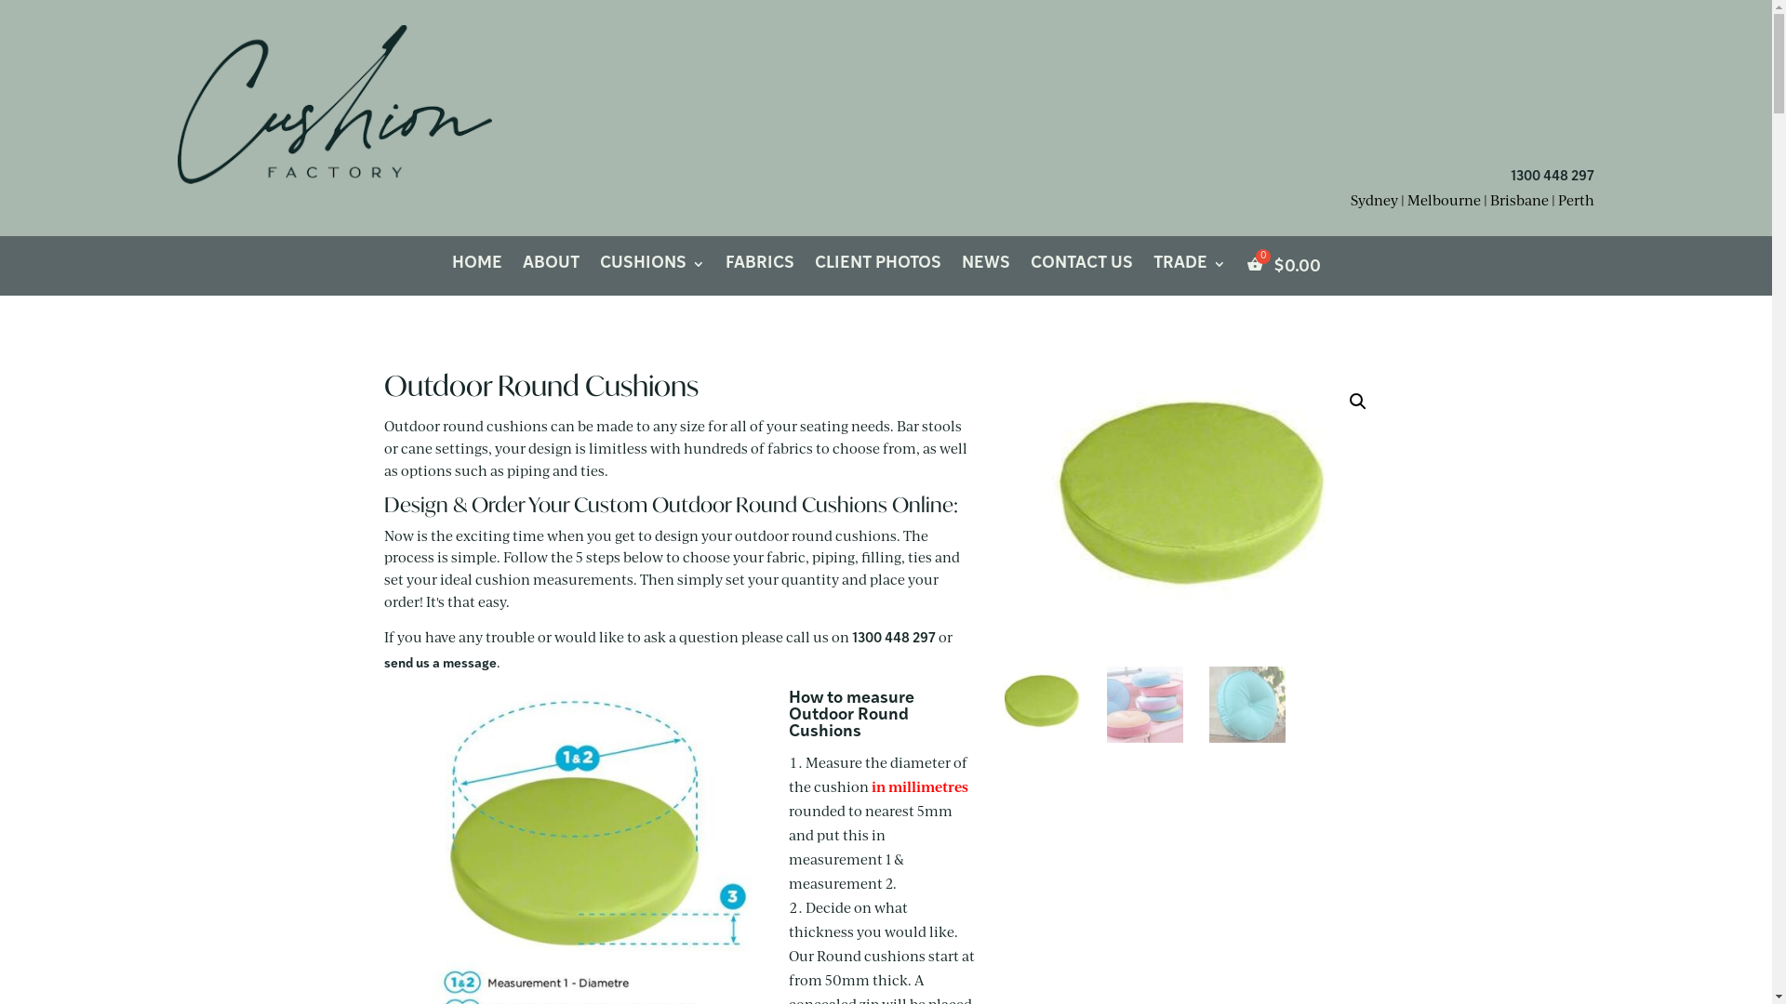 The image size is (1786, 1004). What do you see at coordinates (1283, 269) in the screenshot?
I see `'$0.00'` at bounding box center [1283, 269].